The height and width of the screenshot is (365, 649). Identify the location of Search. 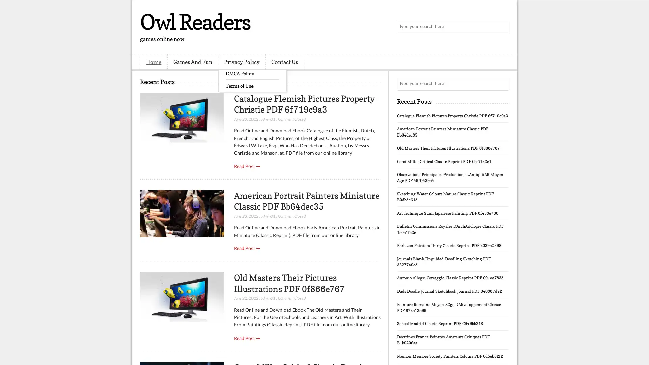
(502, 84).